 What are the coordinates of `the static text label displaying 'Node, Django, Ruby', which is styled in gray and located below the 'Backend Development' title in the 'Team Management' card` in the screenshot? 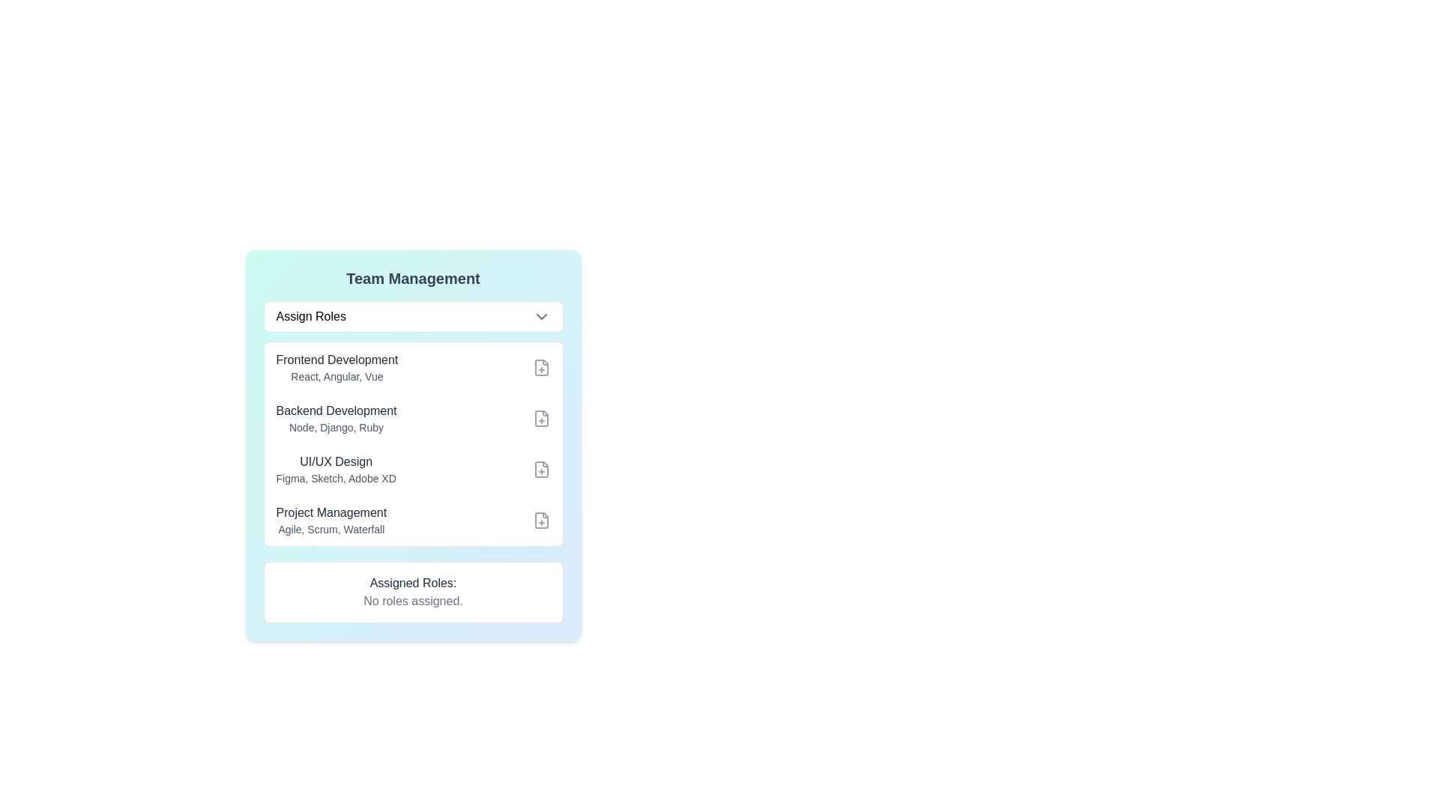 It's located at (335, 427).